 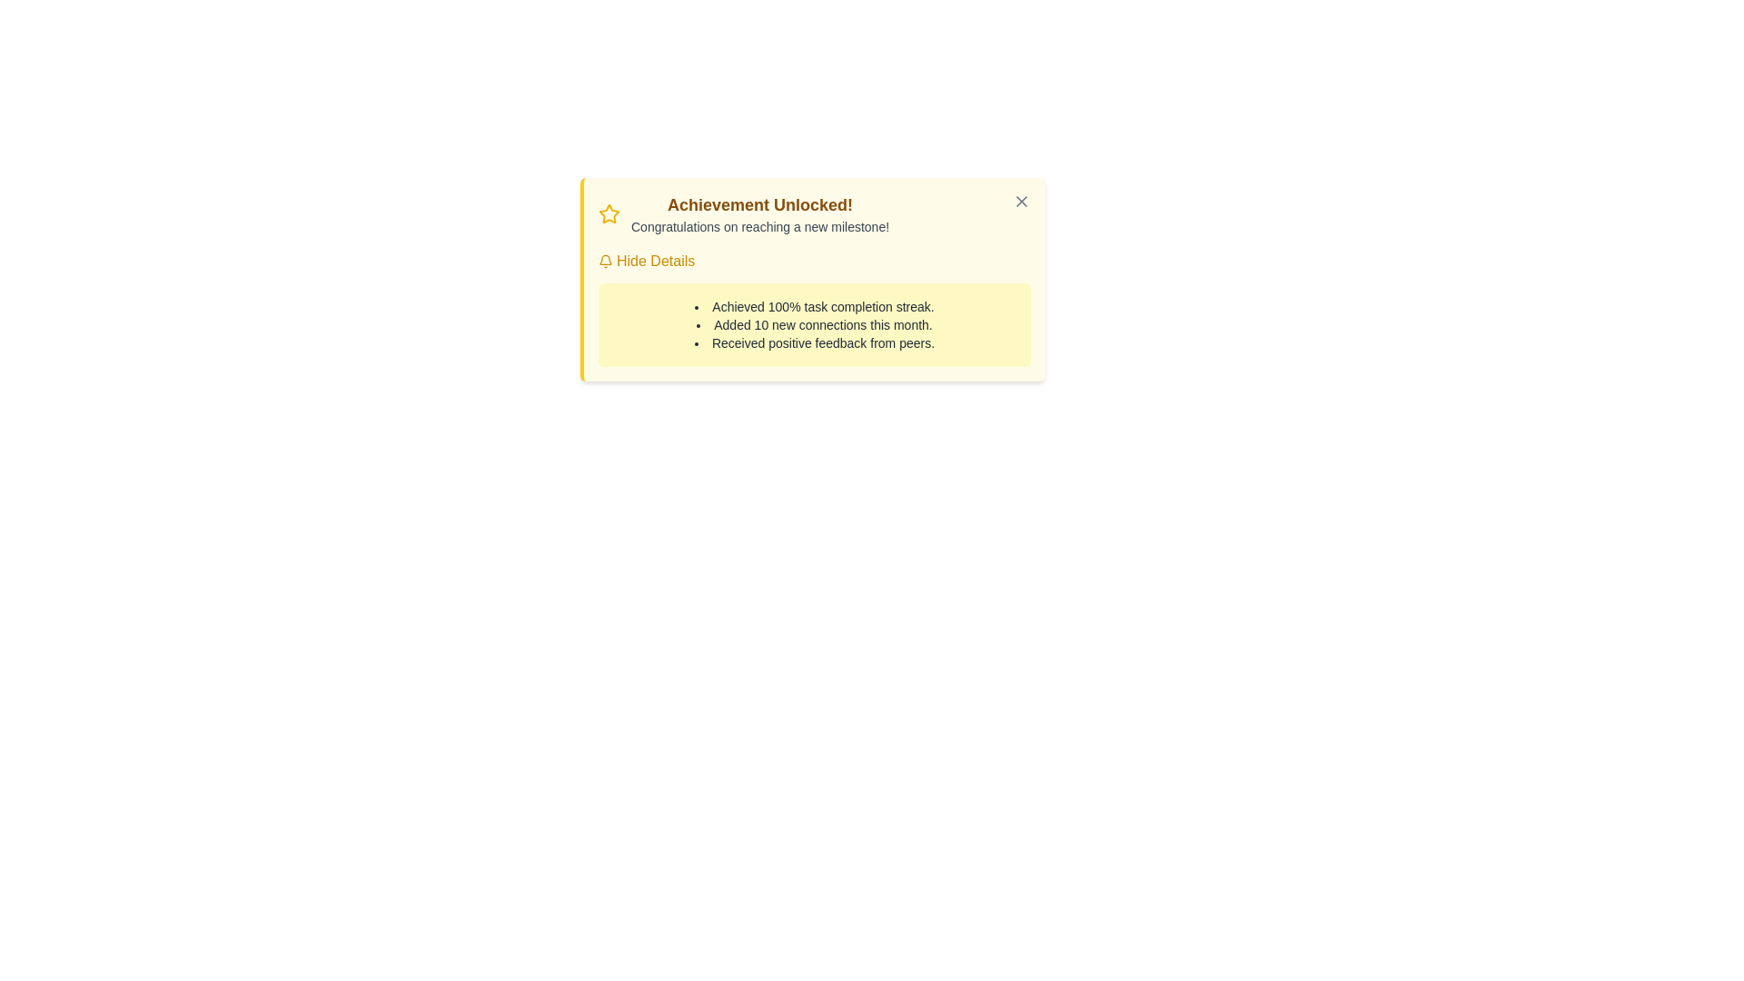 I want to click on the clickable link that toggles the details in the notification box to underline it, so click(x=647, y=262).